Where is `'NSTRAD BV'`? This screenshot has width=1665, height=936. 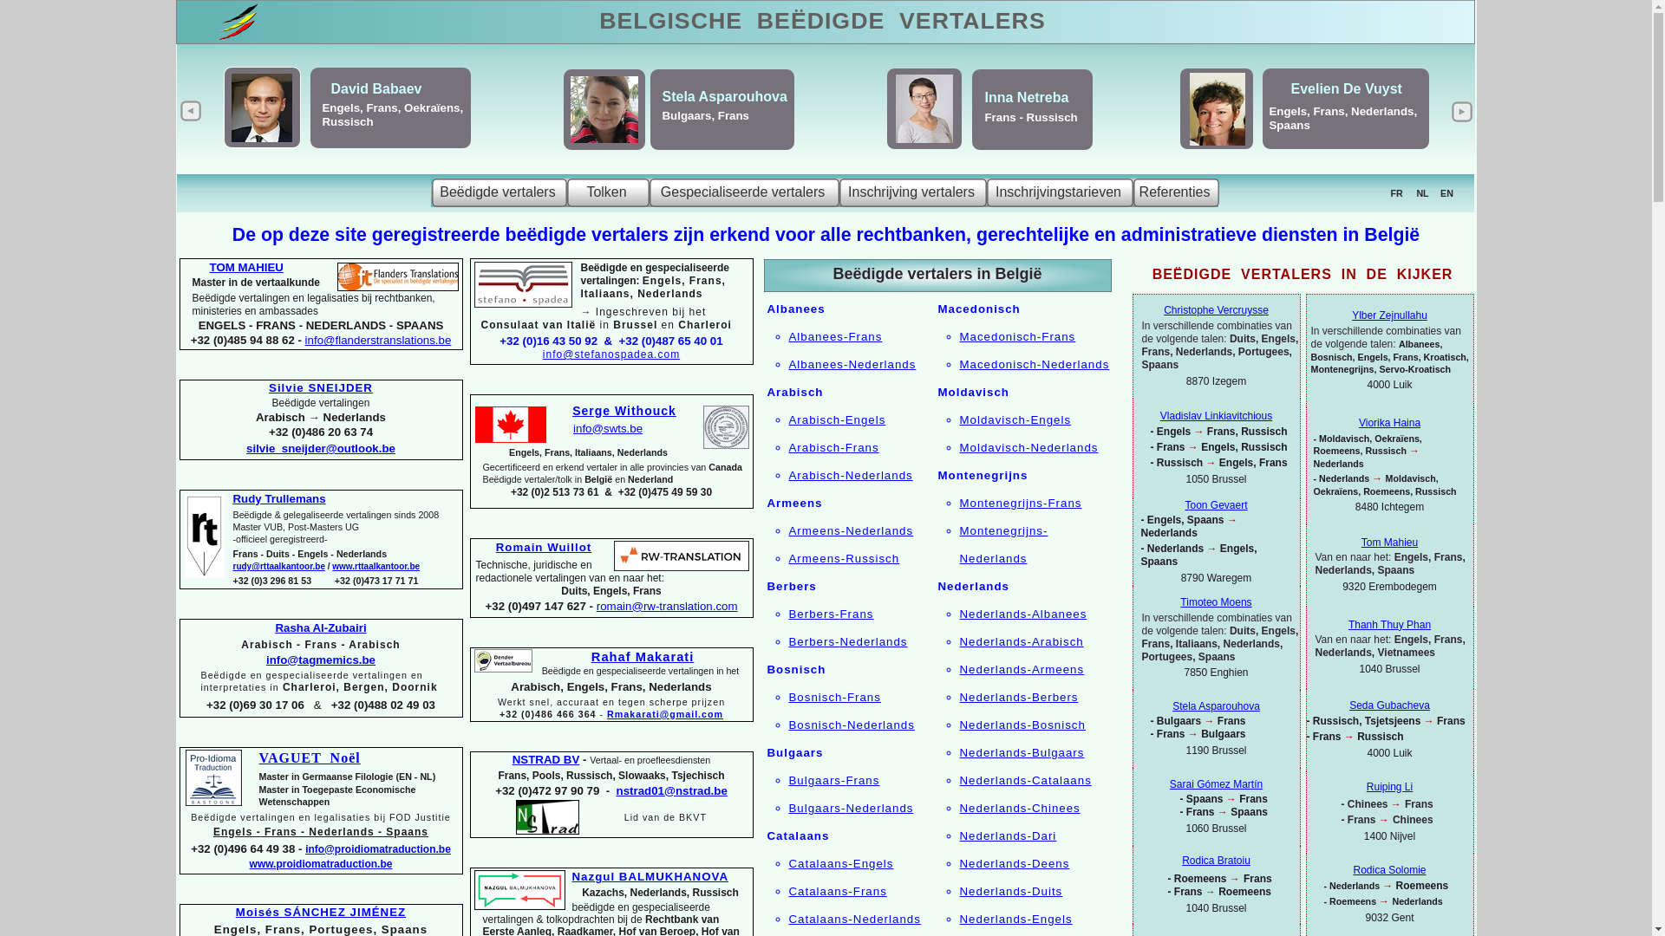
'NSTRAD BV' is located at coordinates (545, 758).